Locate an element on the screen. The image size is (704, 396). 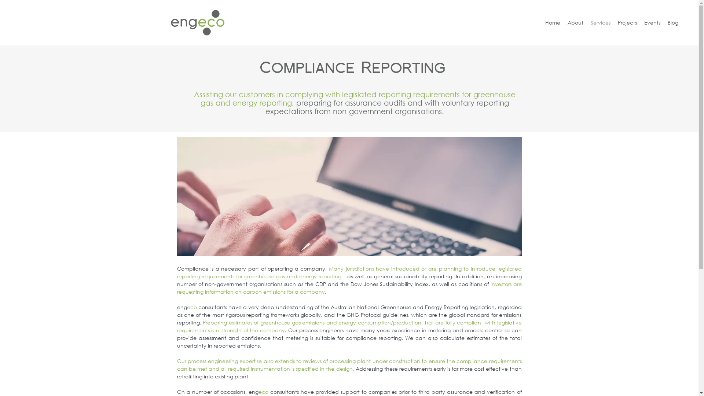
'Events' is located at coordinates (652, 22).